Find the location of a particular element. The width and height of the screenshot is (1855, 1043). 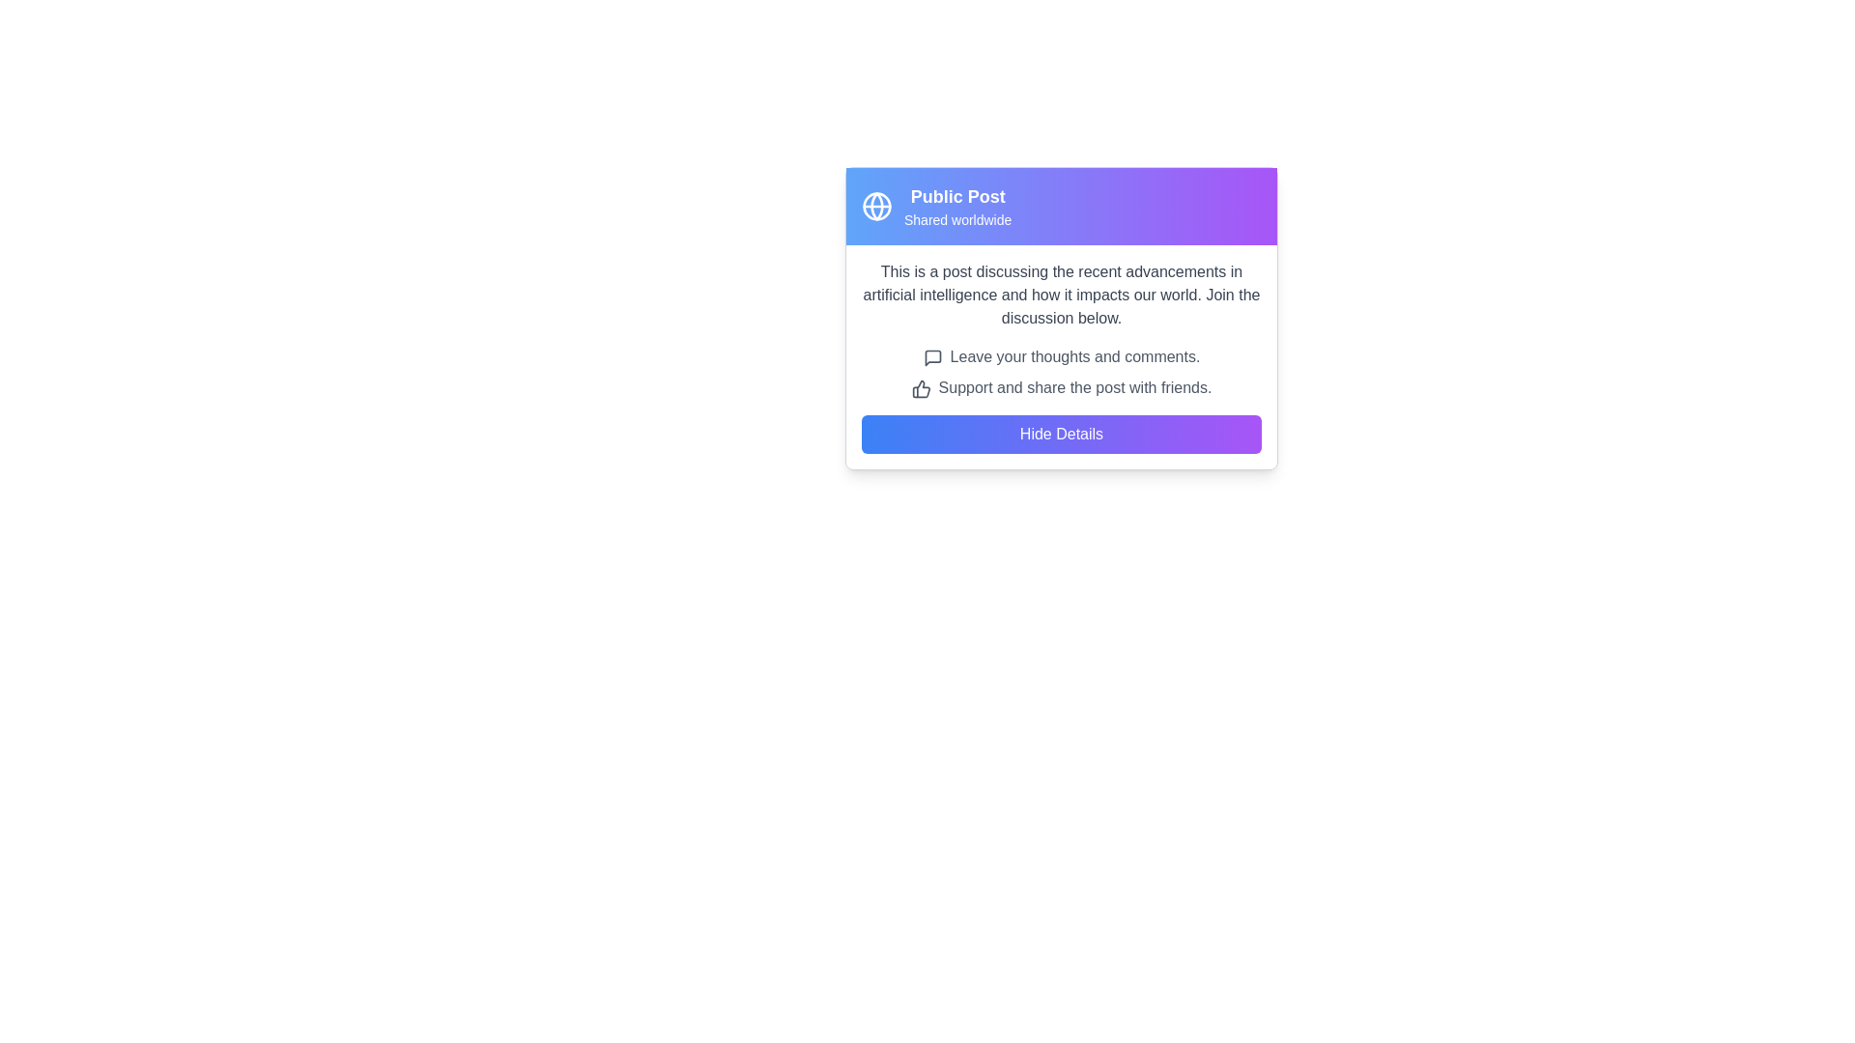

the informational text block containing the lines 'Leave your thoughts and comments.' and 'Support and share the post with friends.' which is situated below 'Join the discussion below.' and above the 'Hide Details' button is located at coordinates (1061, 372).